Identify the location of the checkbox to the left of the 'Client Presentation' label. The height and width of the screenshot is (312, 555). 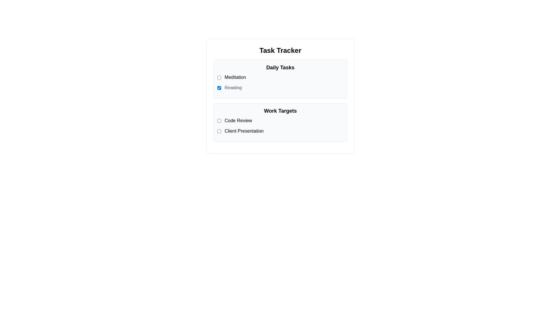
(219, 131).